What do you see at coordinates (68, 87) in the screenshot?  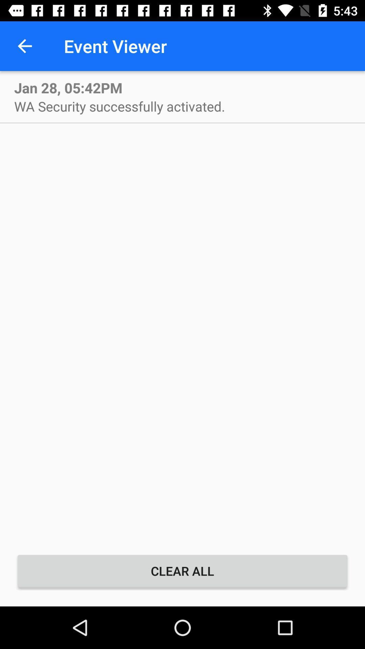 I see `jan 28 05 icon` at bounding box center [68, 87].